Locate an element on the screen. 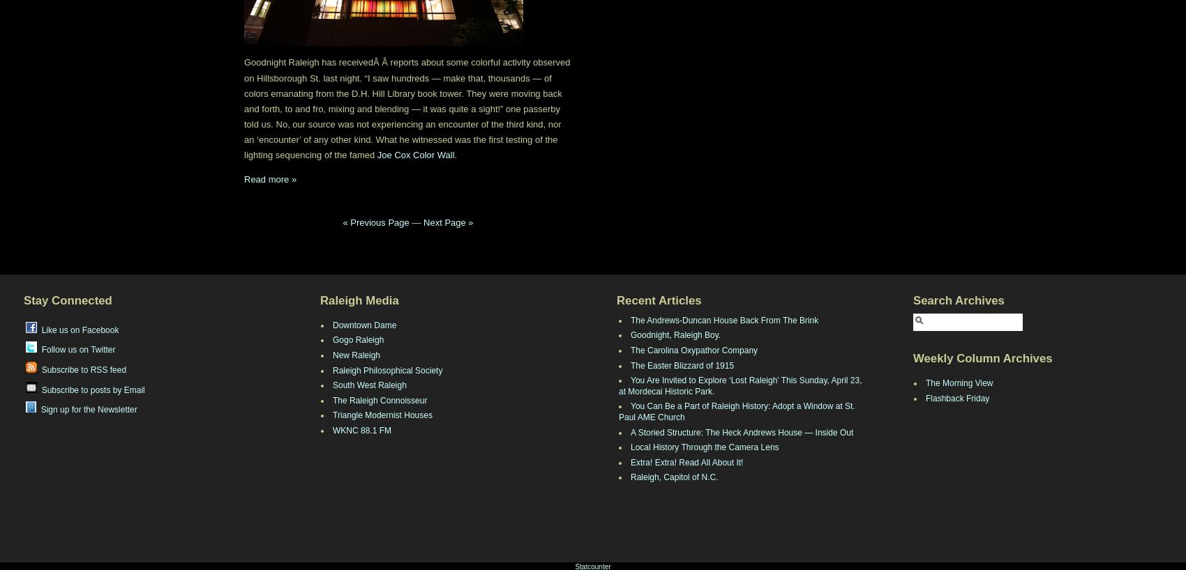 The width and height of the screenshot is (1186, 570). 'The Carolina Oxypathor Company' is located at coordinates (693, 350).